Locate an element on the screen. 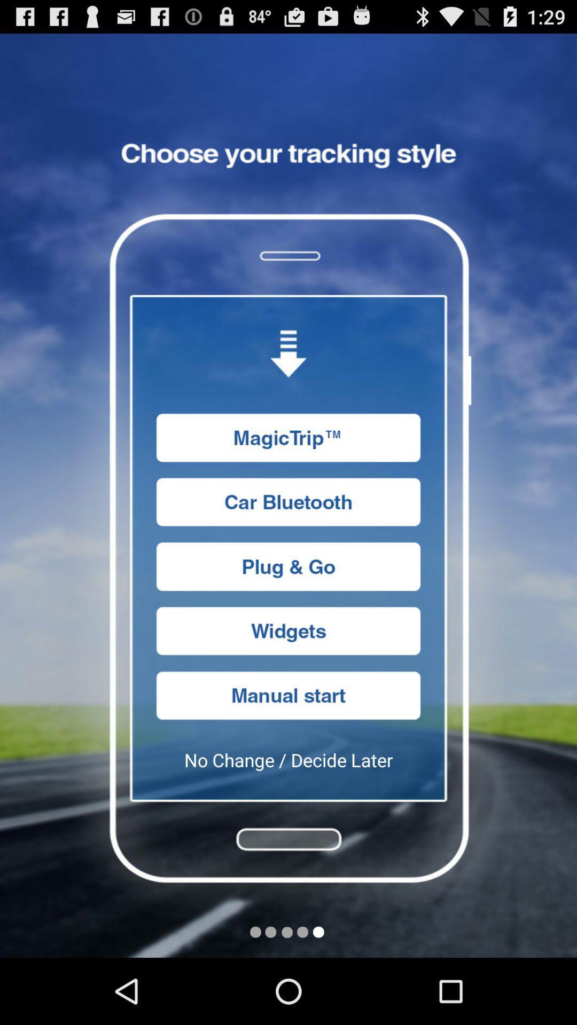  start tracking your trip manually is located at coordinates (288, 696).